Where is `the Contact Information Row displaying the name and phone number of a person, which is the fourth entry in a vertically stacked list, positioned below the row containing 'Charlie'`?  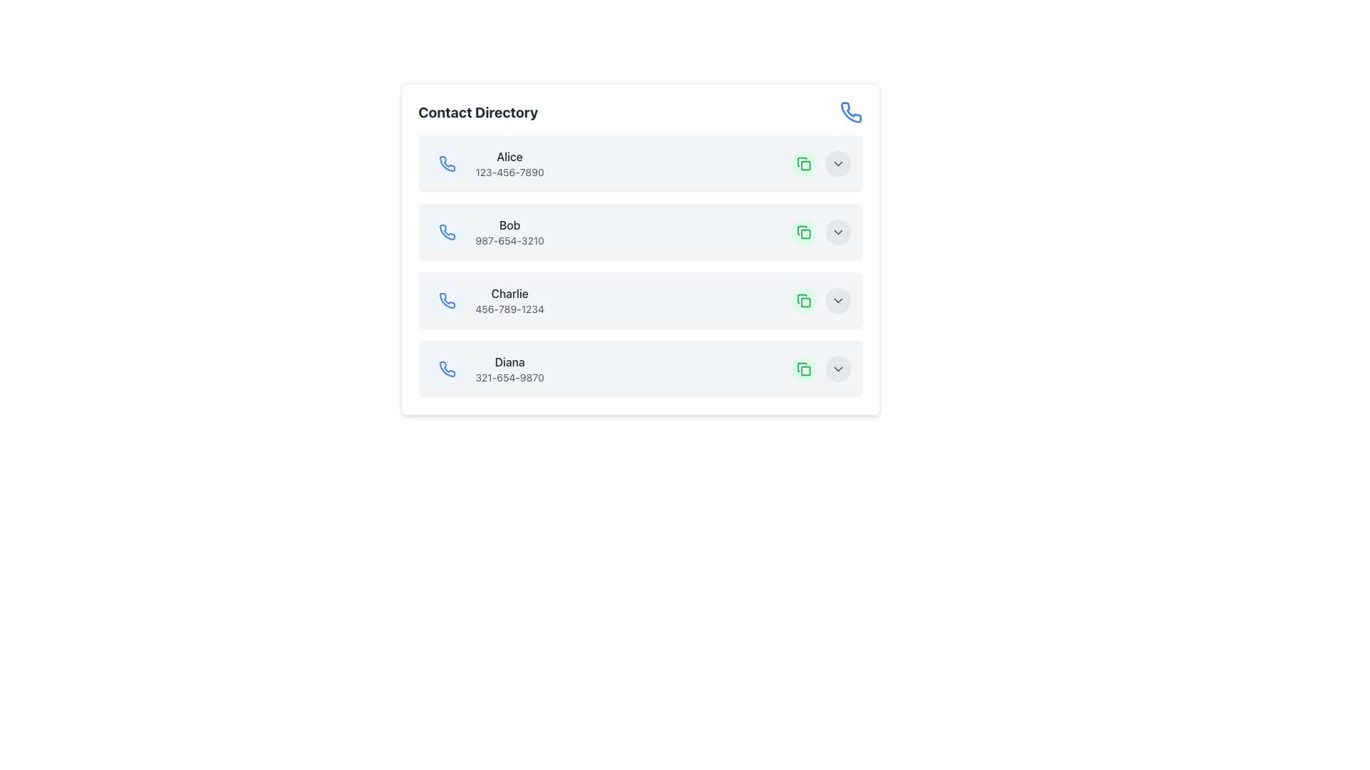
the Contact Information Row displaying the name and phone number of a person, which is the fourth entry in a vertically stacked list, positioned below the row containing 'Charlie' is located at coordinates (487, 368).